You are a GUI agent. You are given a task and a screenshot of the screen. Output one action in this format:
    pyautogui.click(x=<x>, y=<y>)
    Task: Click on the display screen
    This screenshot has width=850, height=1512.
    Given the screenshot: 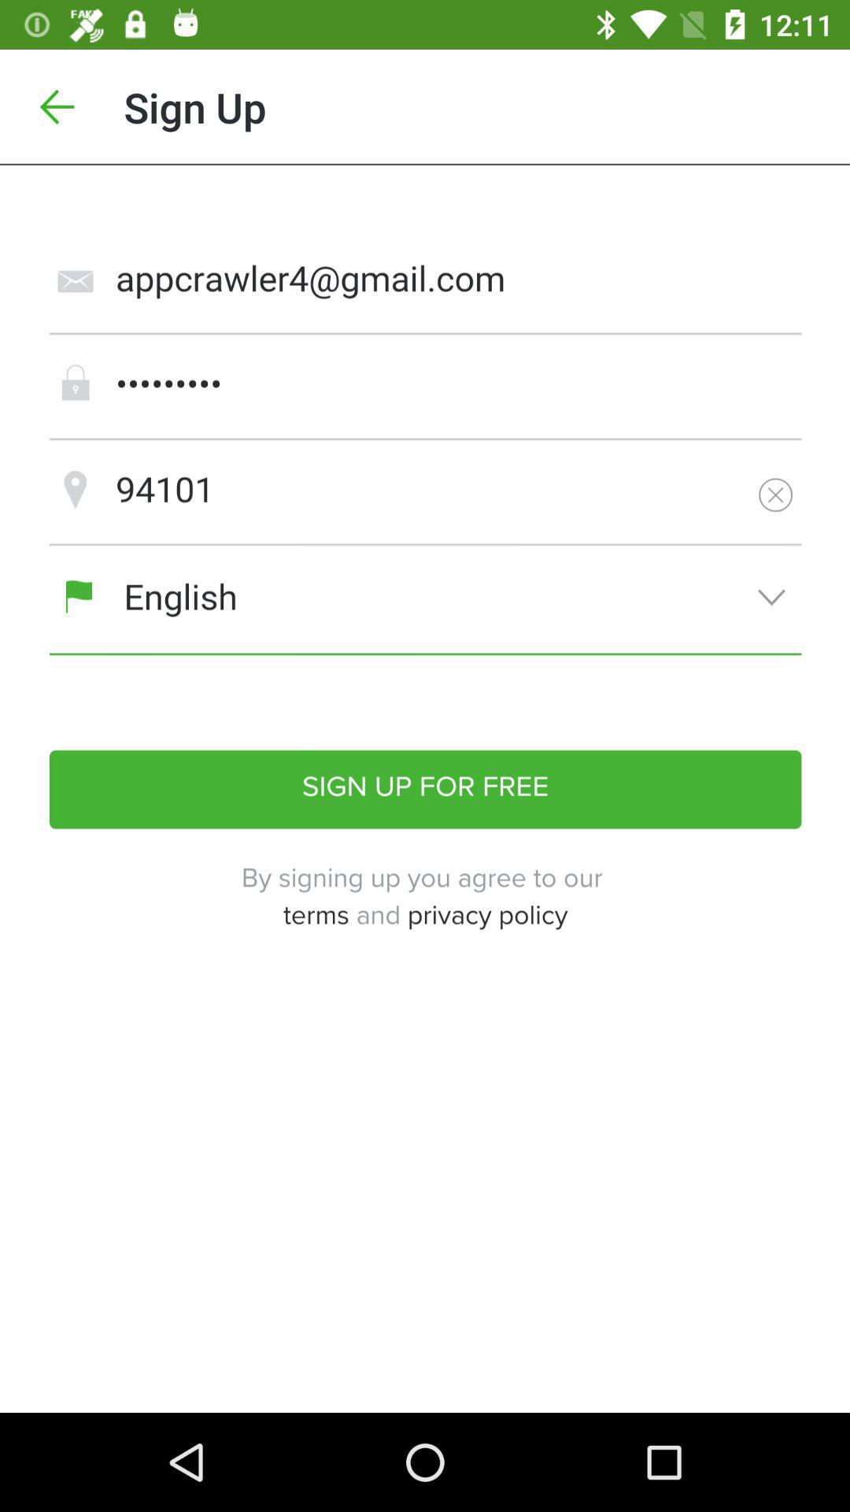 What is the action you would take?
    pyautogui.click(x=425, y=789)
    